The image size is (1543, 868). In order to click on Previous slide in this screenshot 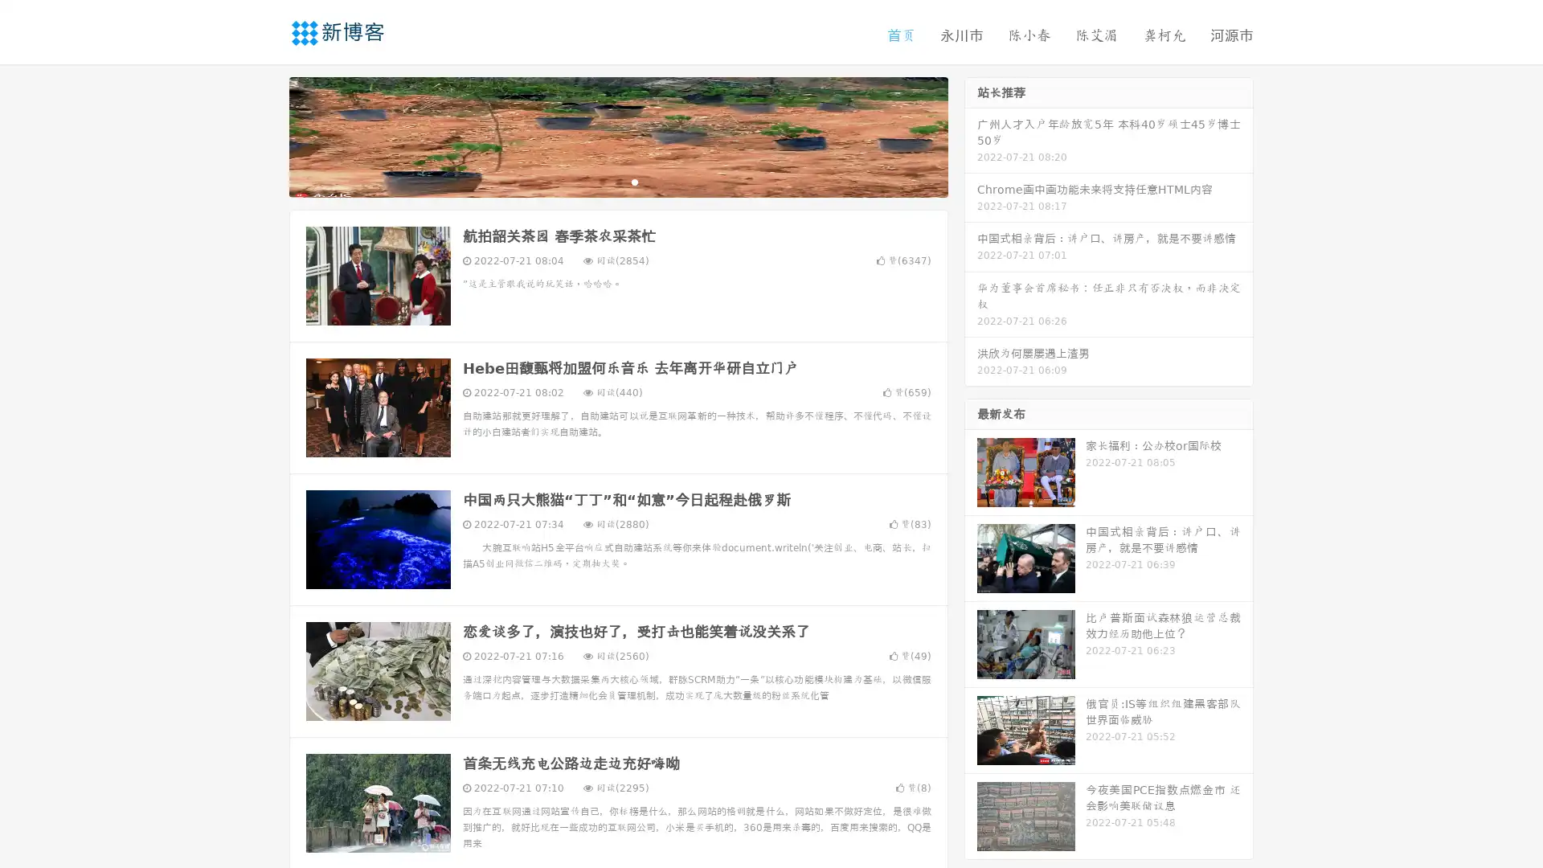, I will do `click(265, 135)`.